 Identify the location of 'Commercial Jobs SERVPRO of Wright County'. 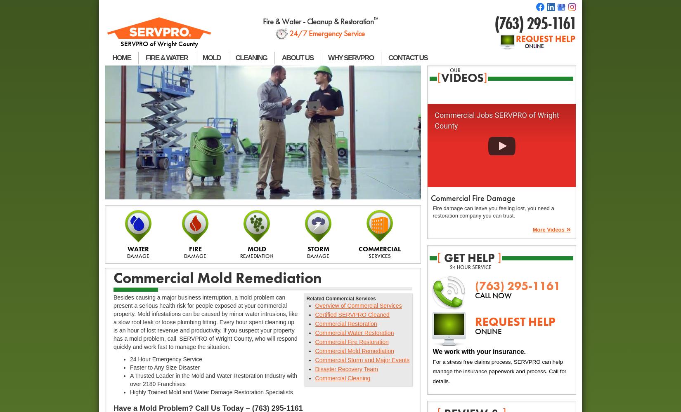
(497, 120).